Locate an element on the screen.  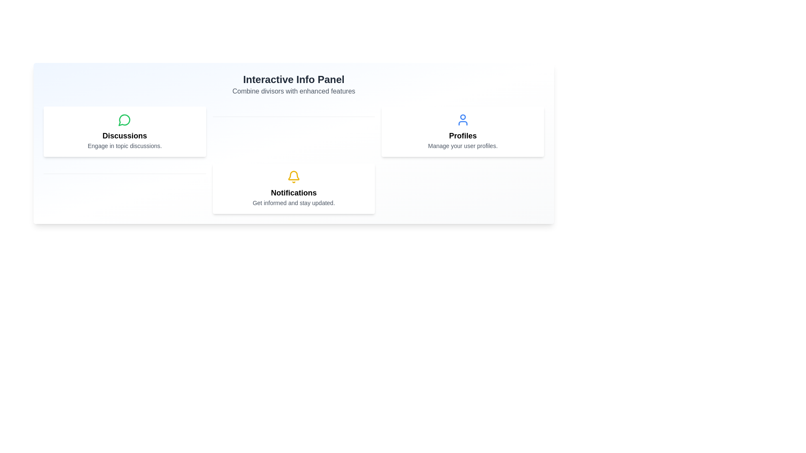
the second card in the horizontal grid layout, which is labeled 'Profiles' and is located between 'Discussions' and 'Notifications' is located at coordinates (462, 131).